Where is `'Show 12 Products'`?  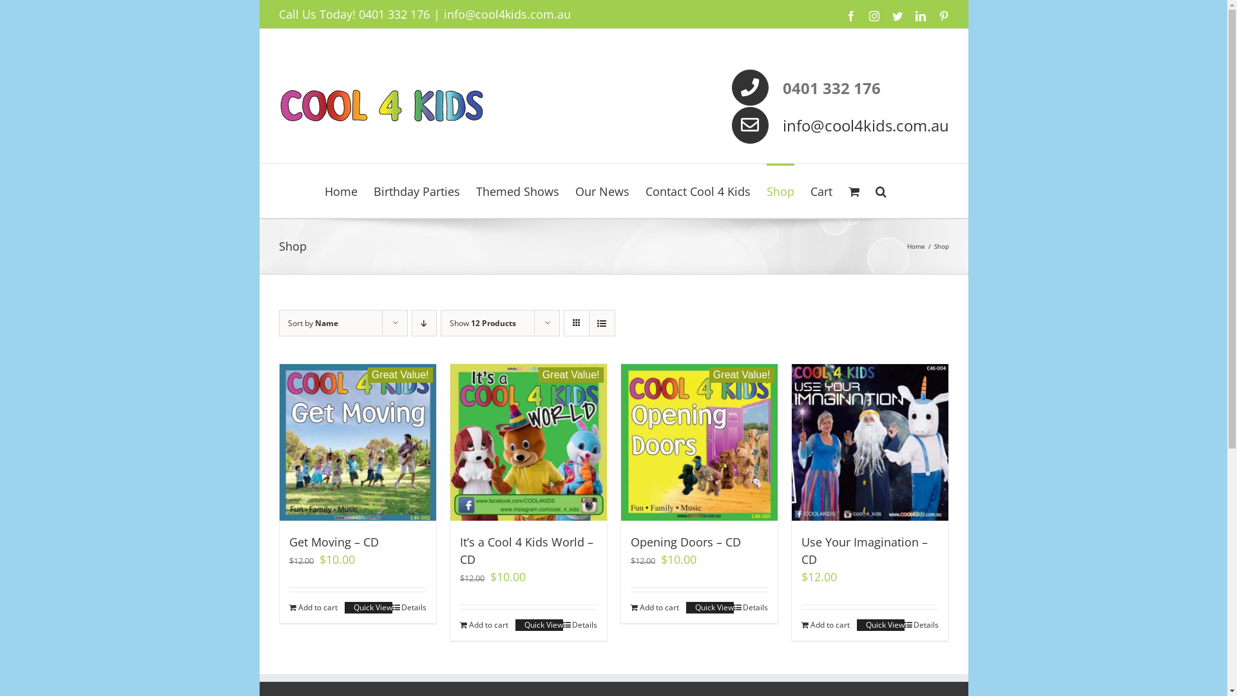
'Show 12 Products' is located at coordinates (449, 322).